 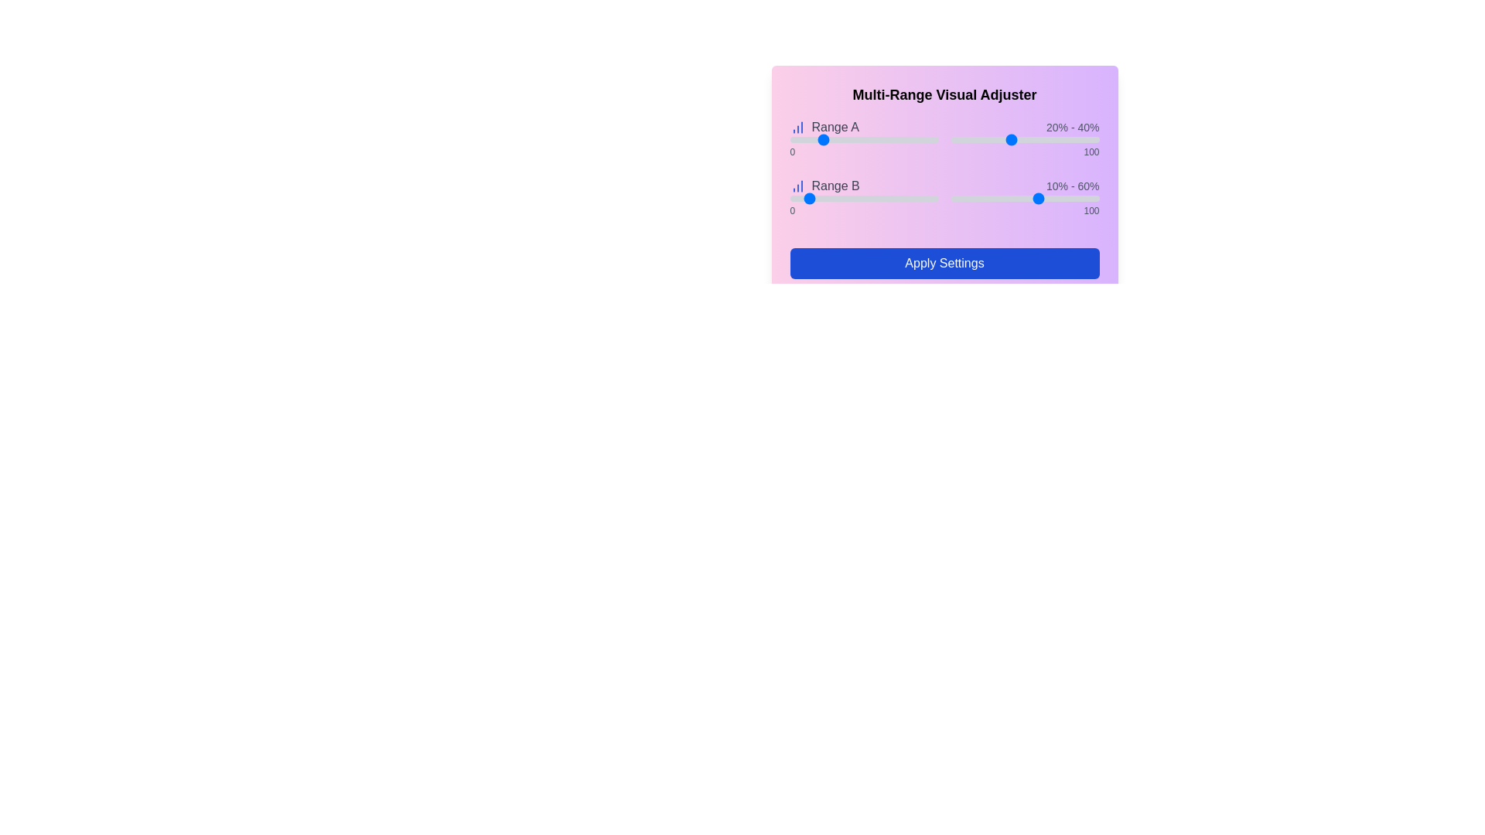 I want to click on the slider, so click(x=1052, y=140).